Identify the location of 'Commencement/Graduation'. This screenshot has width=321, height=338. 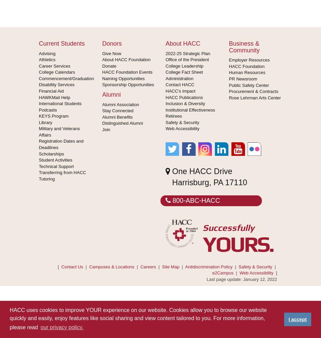
(66, 78).